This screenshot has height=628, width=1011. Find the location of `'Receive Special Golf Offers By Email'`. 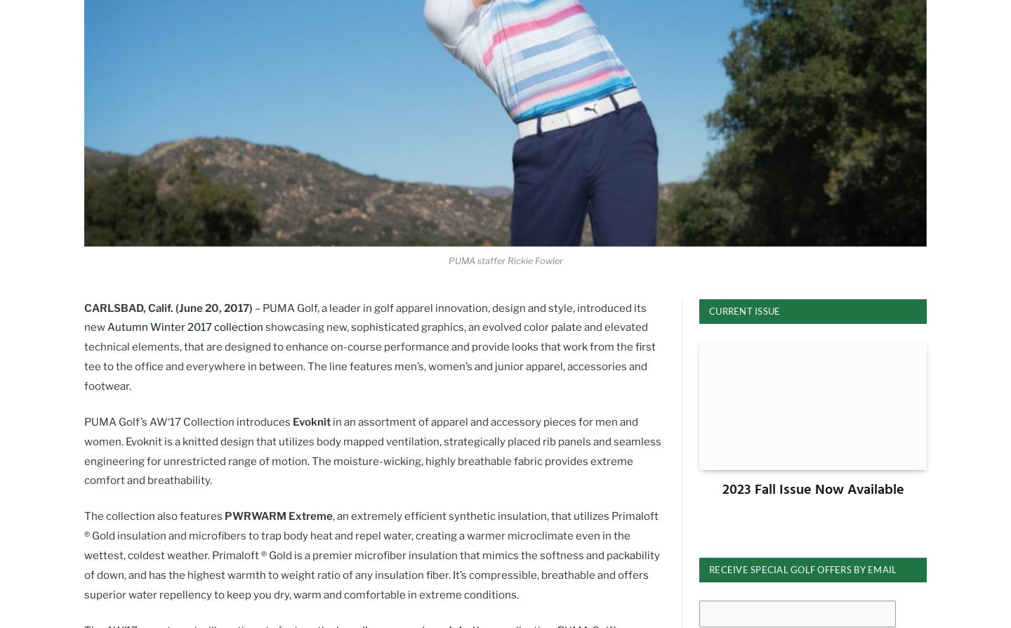

'Receive Special Golf Offers By Email' is located at coordinates (708, 568).